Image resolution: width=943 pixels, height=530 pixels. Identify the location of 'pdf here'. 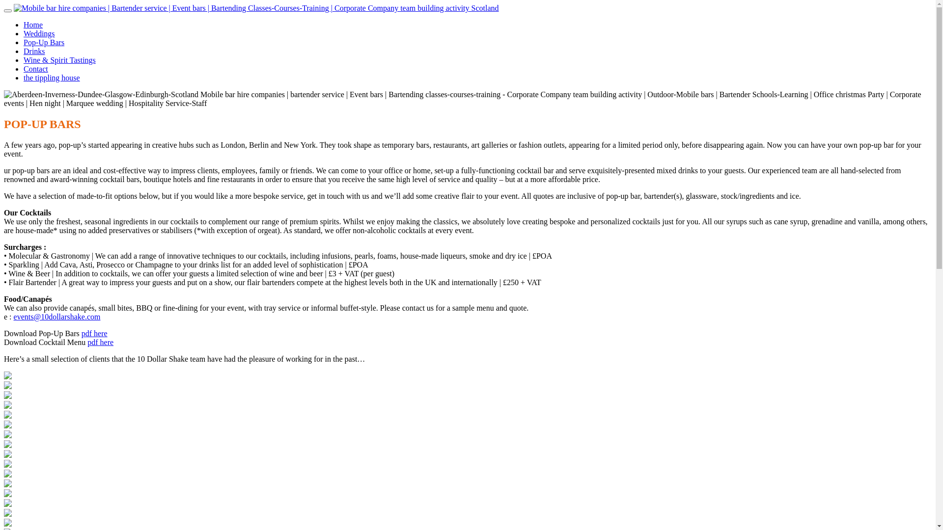
(100, 342).